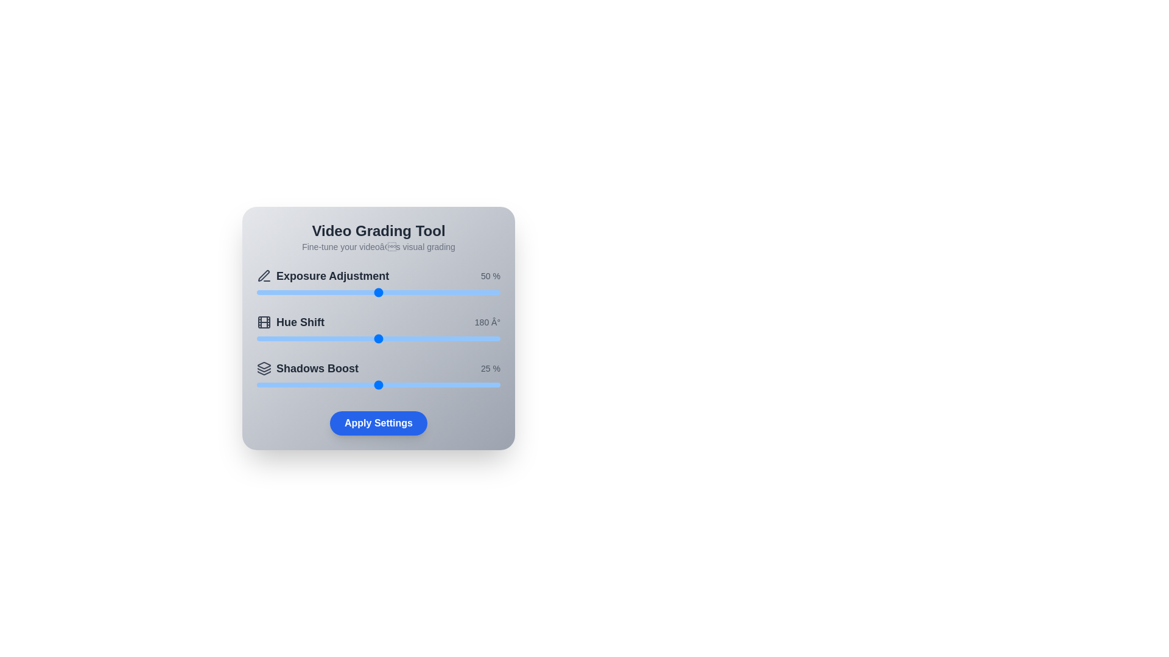  Describe the element at coordinates (378, 330) in the screenshot. I see `middle label and value of the grouped interactive sliders labeled 'Hue Shift' located within the 'Video Grading Tool' interface` at that location.